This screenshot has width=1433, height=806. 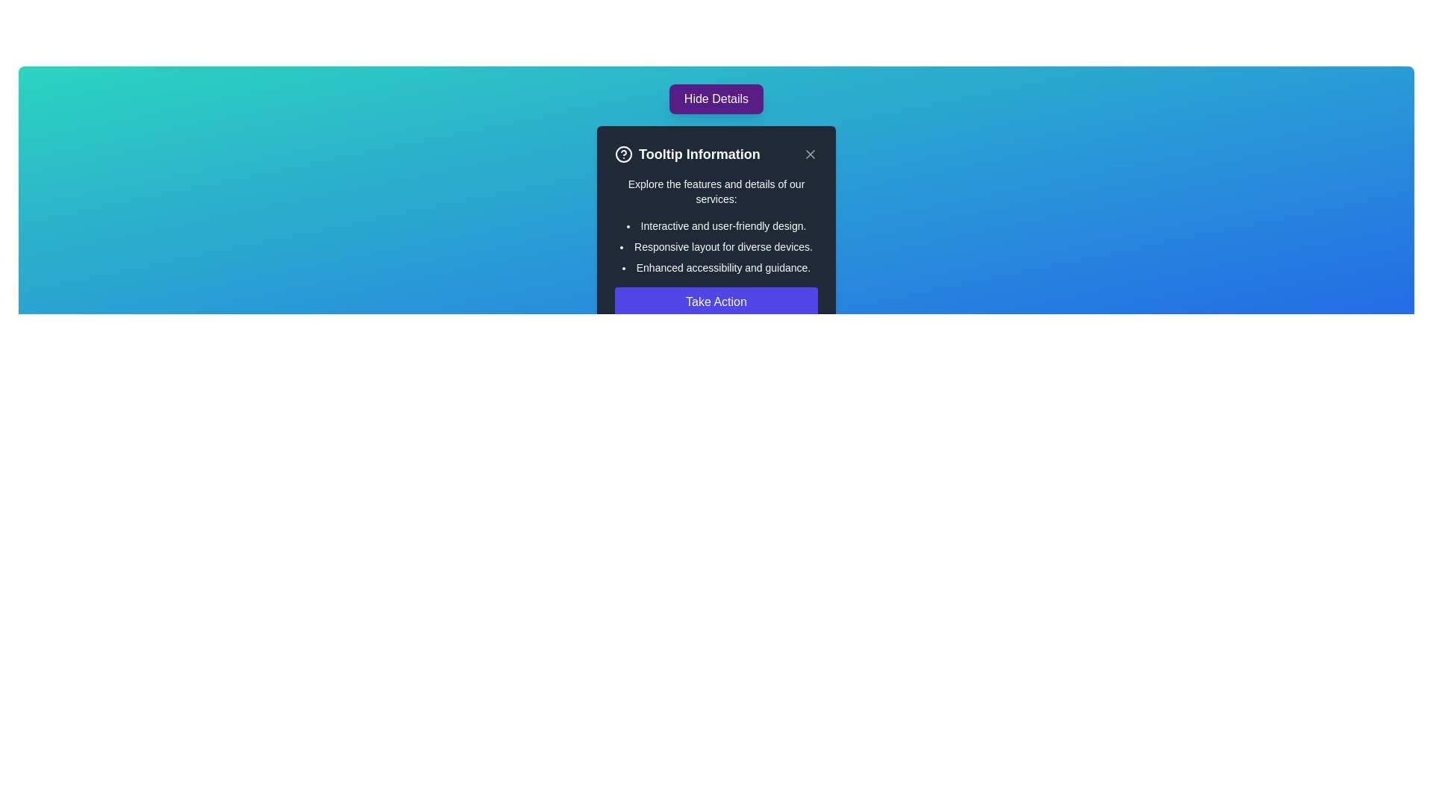 I want to click on the descriptive list of features located within the 'Tooltip Information' modal, positioned below the subtitle 'Explore the features and details of our services:' and above the 'Take Action' button, so click(x=716, y=246).